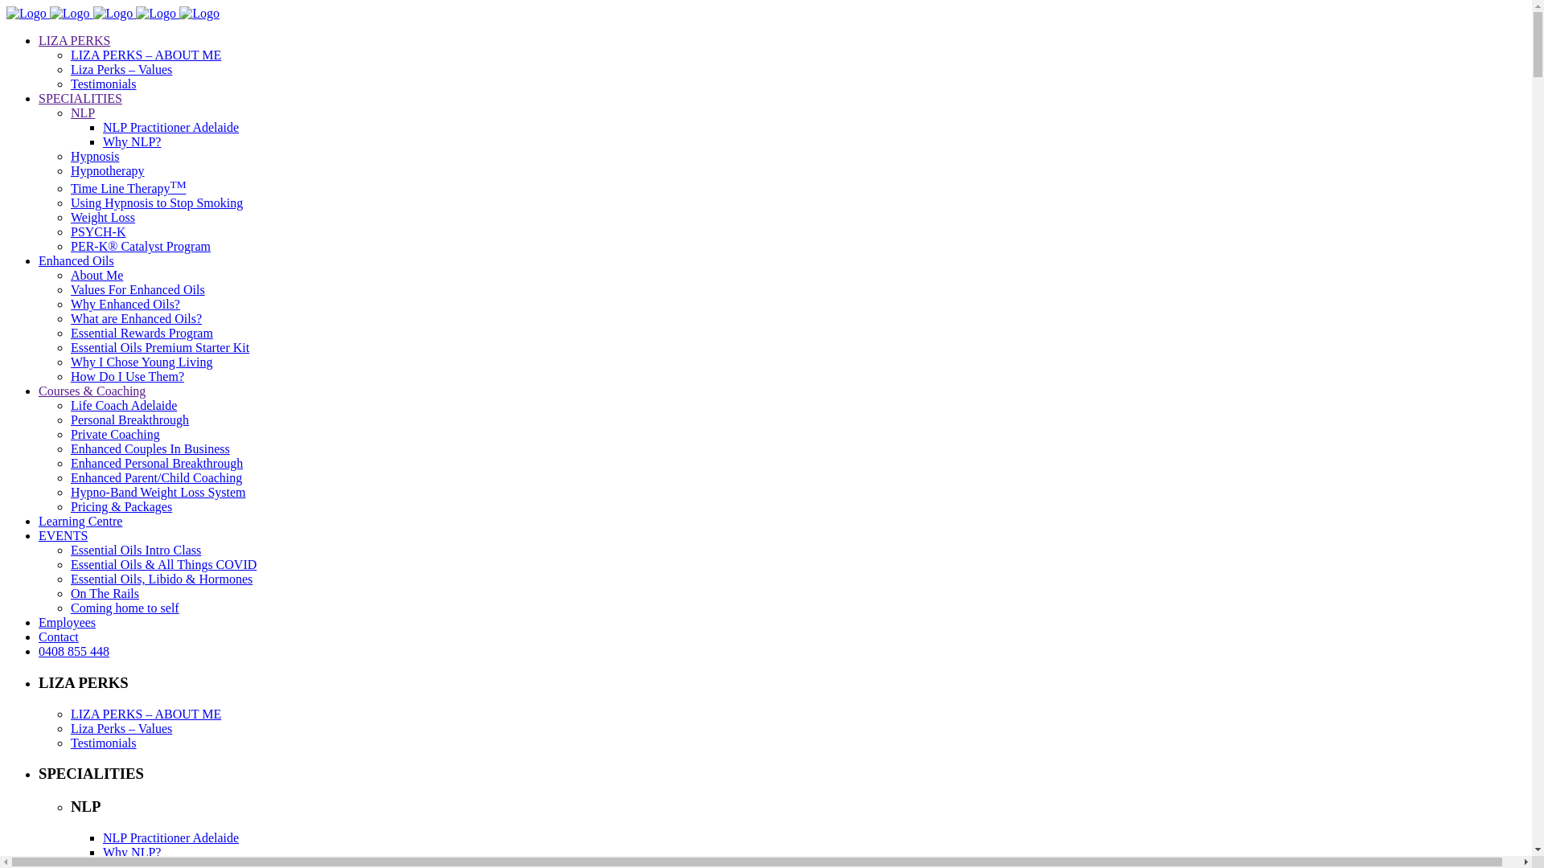 The height and width of the screenshot is (868, 1544). I want to click on 'PSYCH-K', so click(96, 231).